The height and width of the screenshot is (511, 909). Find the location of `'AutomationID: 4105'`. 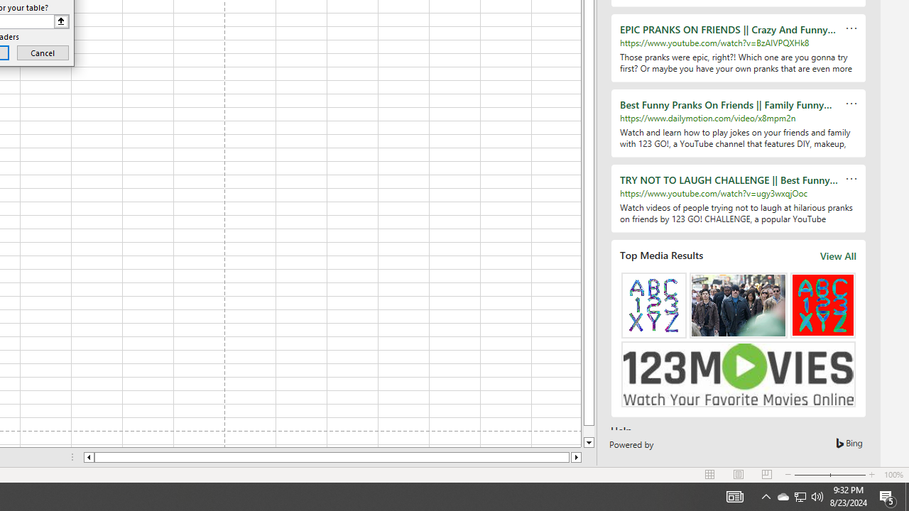

'AutomationID: 4105' is located at coordinates (734, 495).